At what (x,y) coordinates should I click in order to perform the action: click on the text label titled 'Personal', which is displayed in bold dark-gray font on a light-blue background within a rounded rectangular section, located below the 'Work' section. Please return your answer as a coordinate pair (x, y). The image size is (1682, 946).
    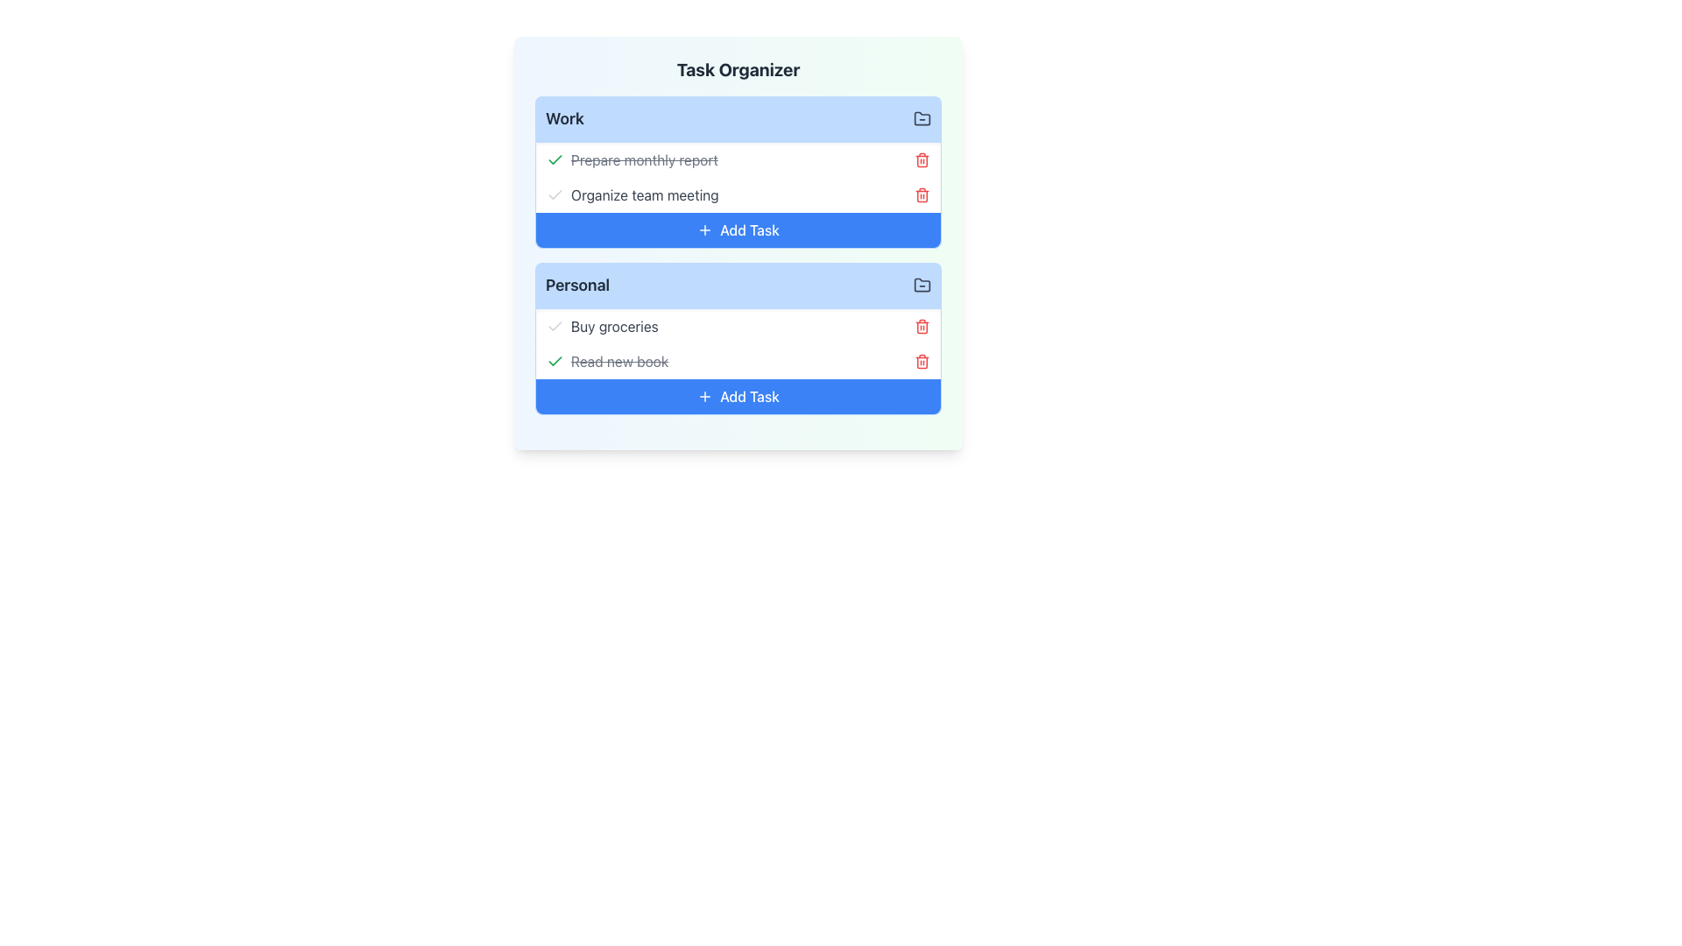
    Looking at the image, I should click on (577, 285).